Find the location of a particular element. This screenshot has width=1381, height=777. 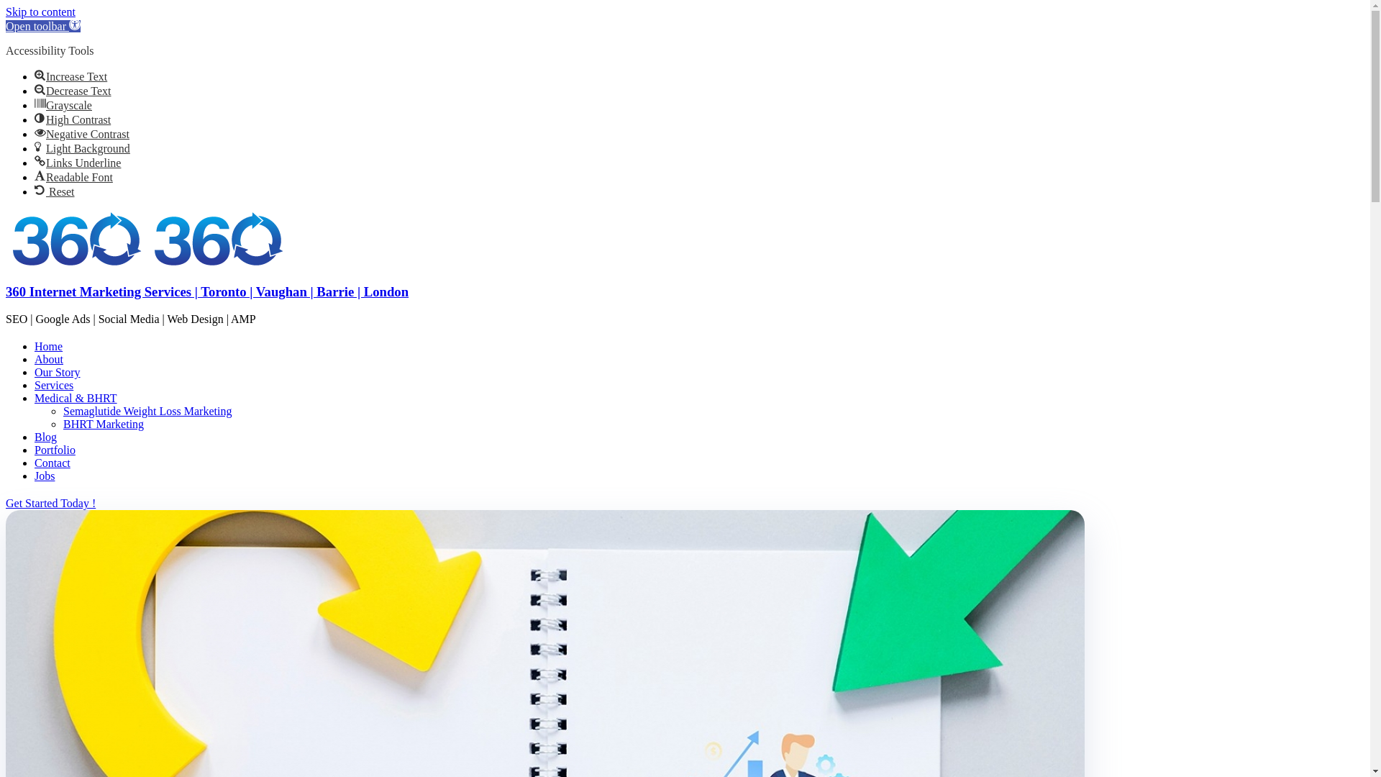

'GrayscaleGrayscale' is located at coordinates (62, 104).